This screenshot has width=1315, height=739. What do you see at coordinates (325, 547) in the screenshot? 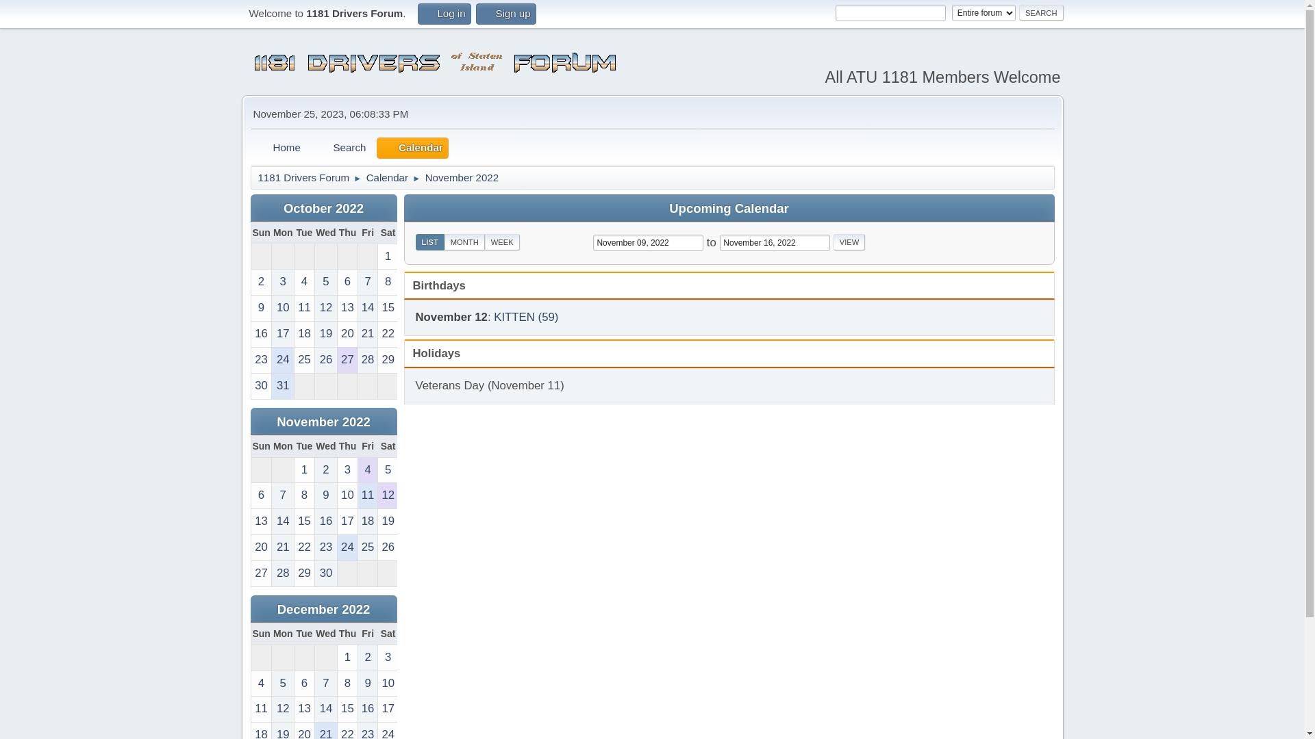
I see `'23'` at bounding box center [325, 547].